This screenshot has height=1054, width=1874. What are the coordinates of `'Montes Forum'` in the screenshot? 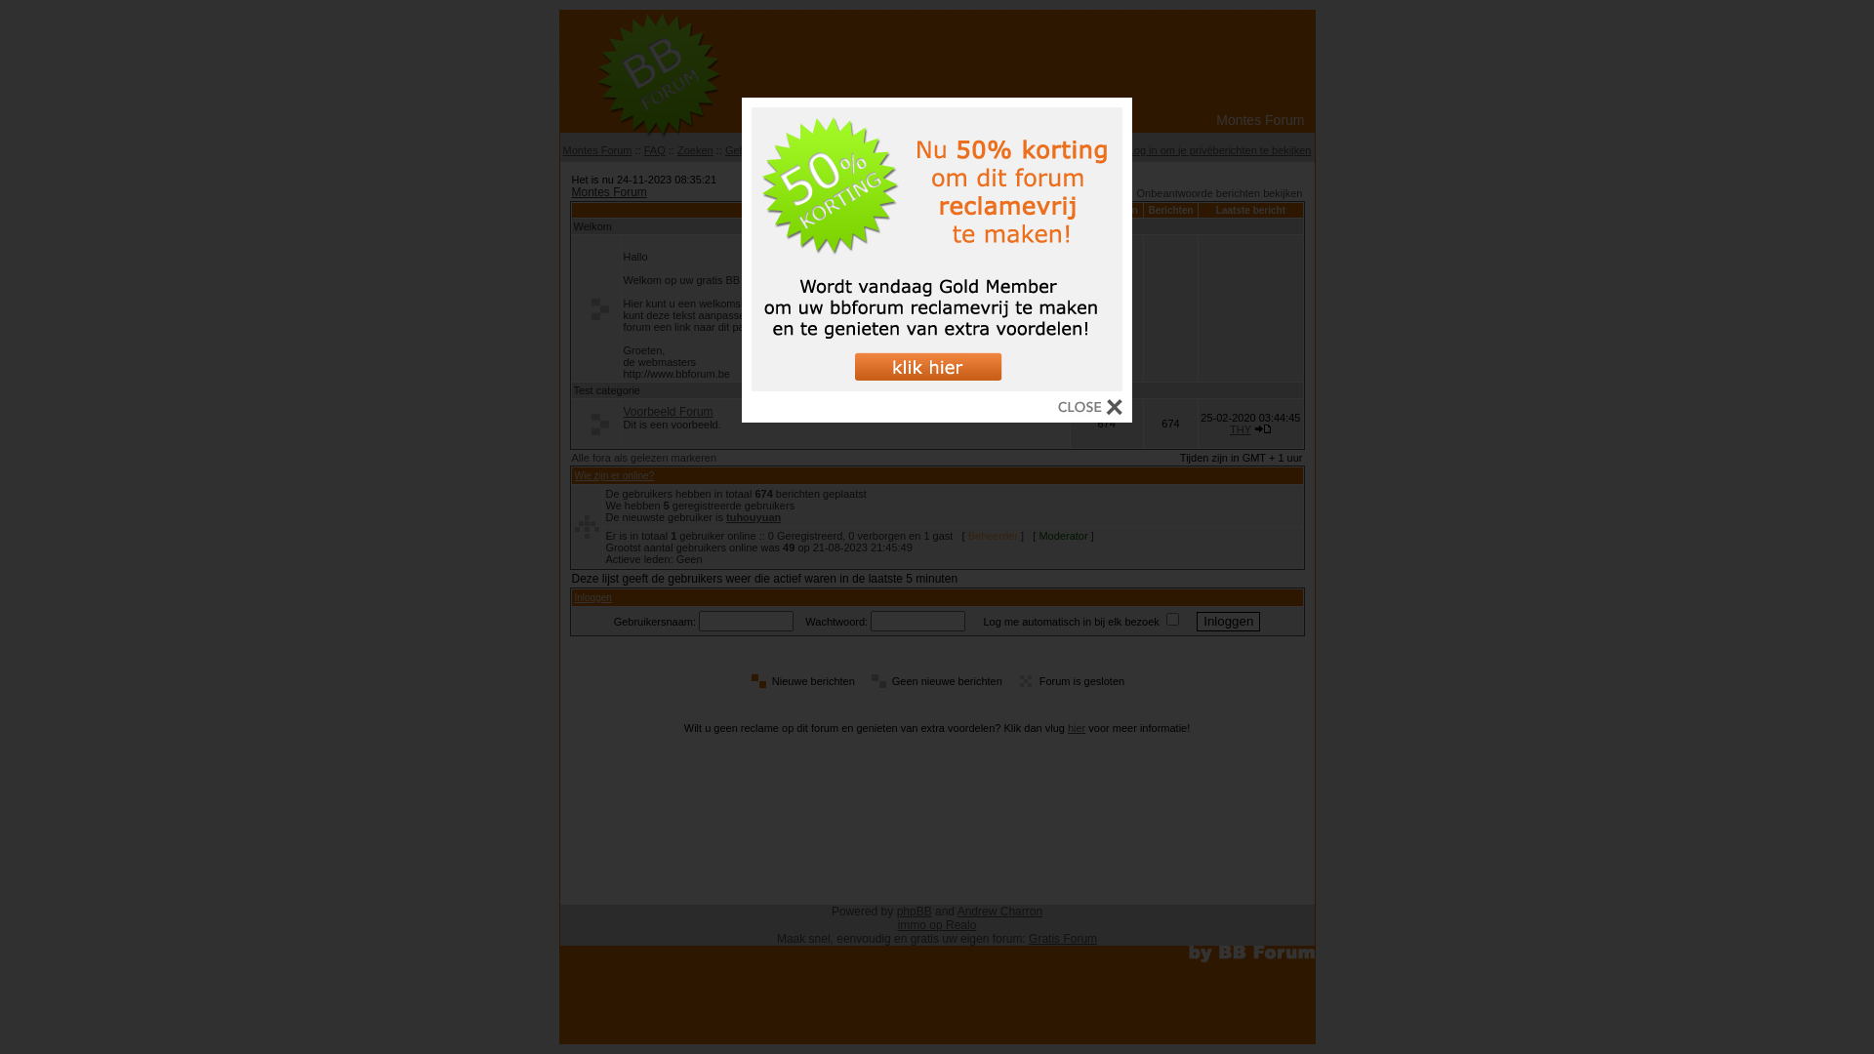 It's located at (608, 191).